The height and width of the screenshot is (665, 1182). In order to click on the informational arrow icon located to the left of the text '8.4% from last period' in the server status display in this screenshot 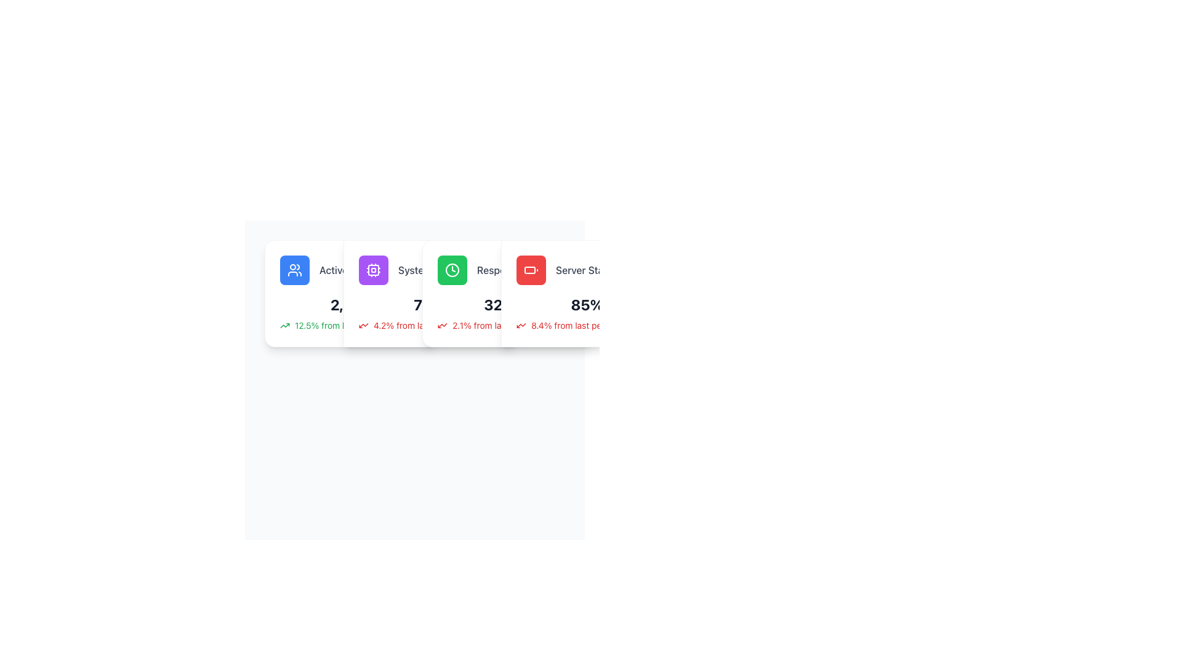, I will do `click(521, 324)`.